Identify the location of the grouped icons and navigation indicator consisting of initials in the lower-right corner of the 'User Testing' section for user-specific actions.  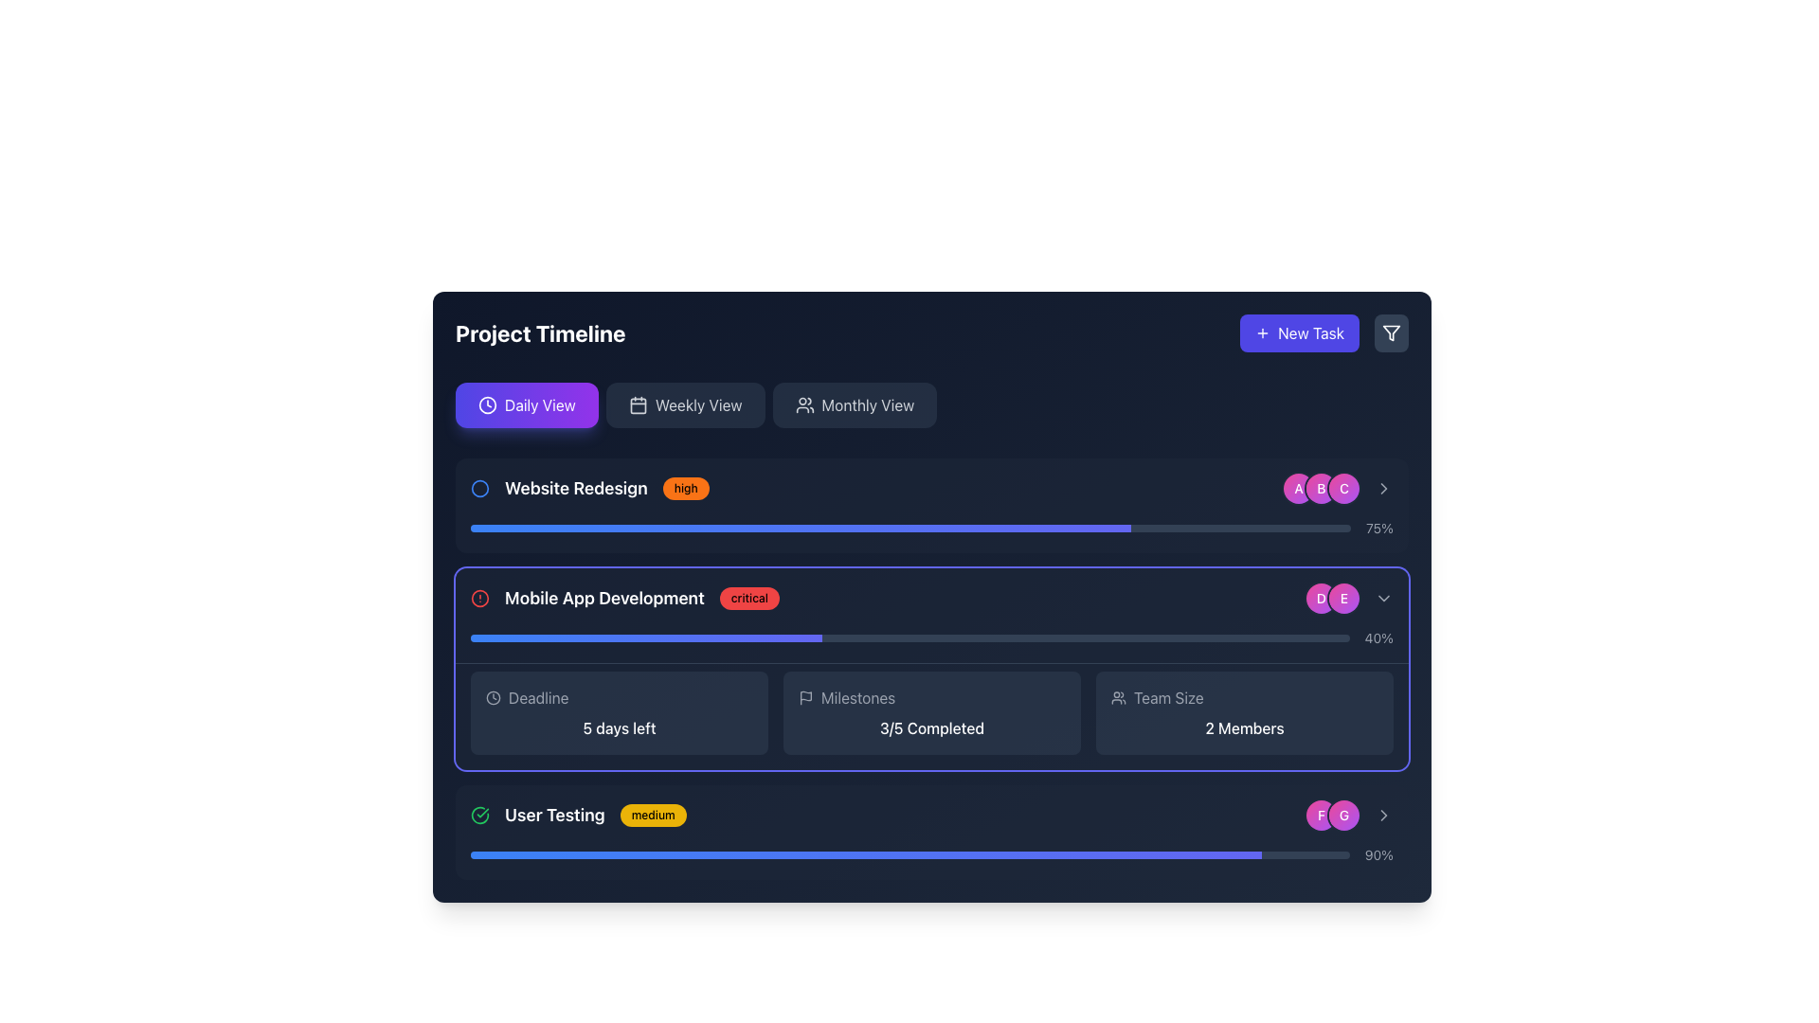
(1349, 814).